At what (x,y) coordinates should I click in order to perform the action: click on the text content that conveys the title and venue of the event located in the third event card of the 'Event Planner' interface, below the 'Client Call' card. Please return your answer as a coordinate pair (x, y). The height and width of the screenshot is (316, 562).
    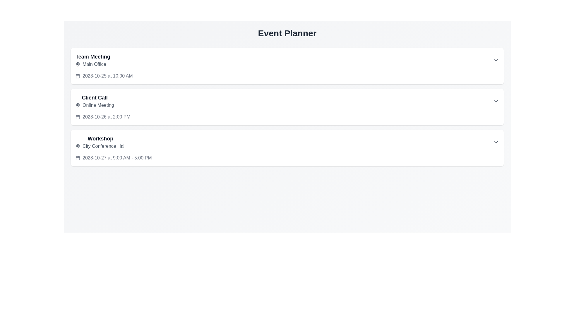
    Looking at the image, I should click on (100, 142).